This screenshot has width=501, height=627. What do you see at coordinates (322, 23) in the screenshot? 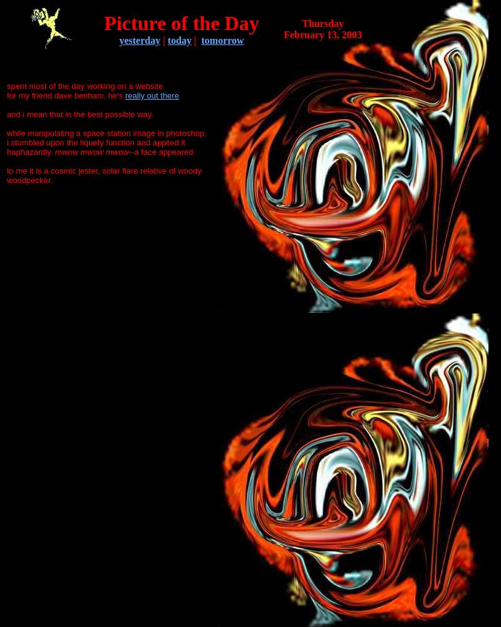
I see `'Thursday'` at bounding box center [322, 23].